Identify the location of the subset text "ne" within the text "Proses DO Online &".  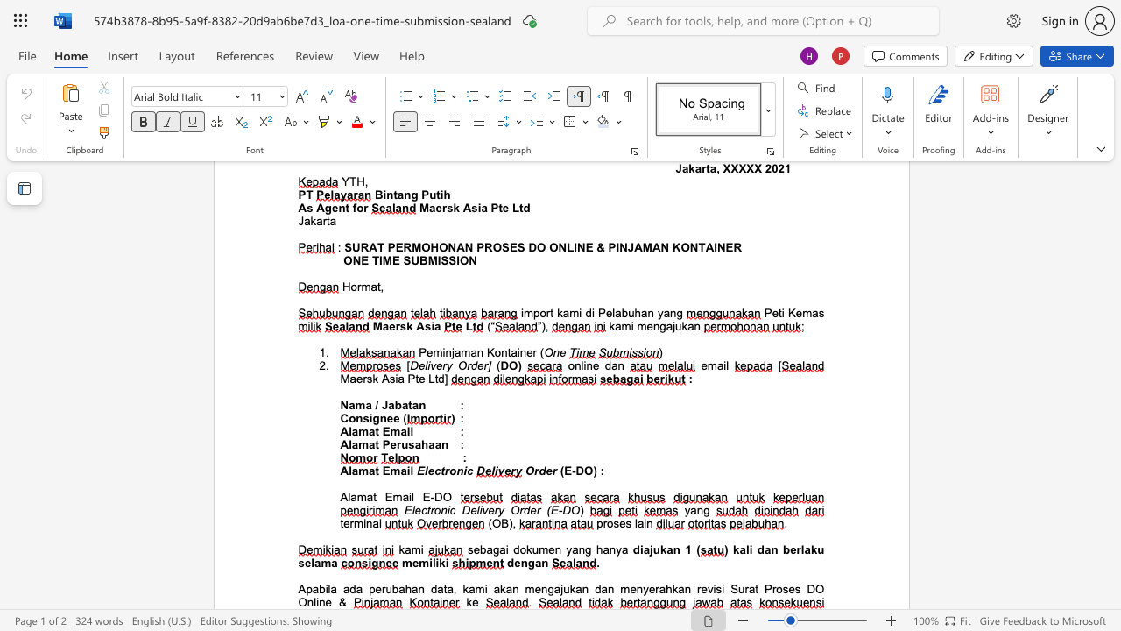
(319, 601).